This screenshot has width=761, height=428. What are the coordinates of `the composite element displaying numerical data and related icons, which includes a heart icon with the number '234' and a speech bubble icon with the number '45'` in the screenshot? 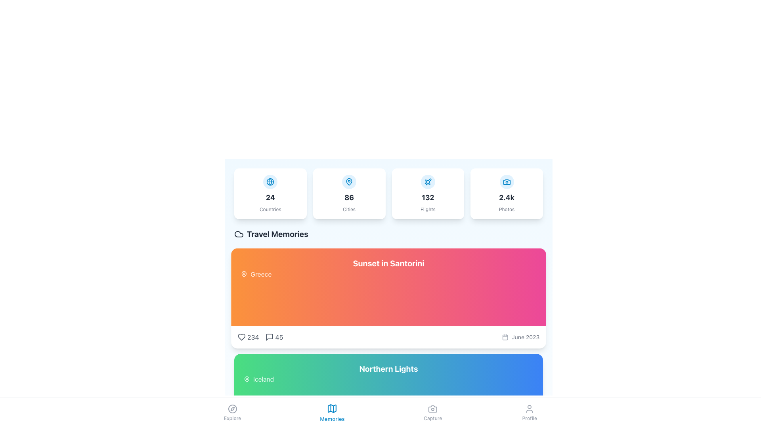 It's located at (260, 337).